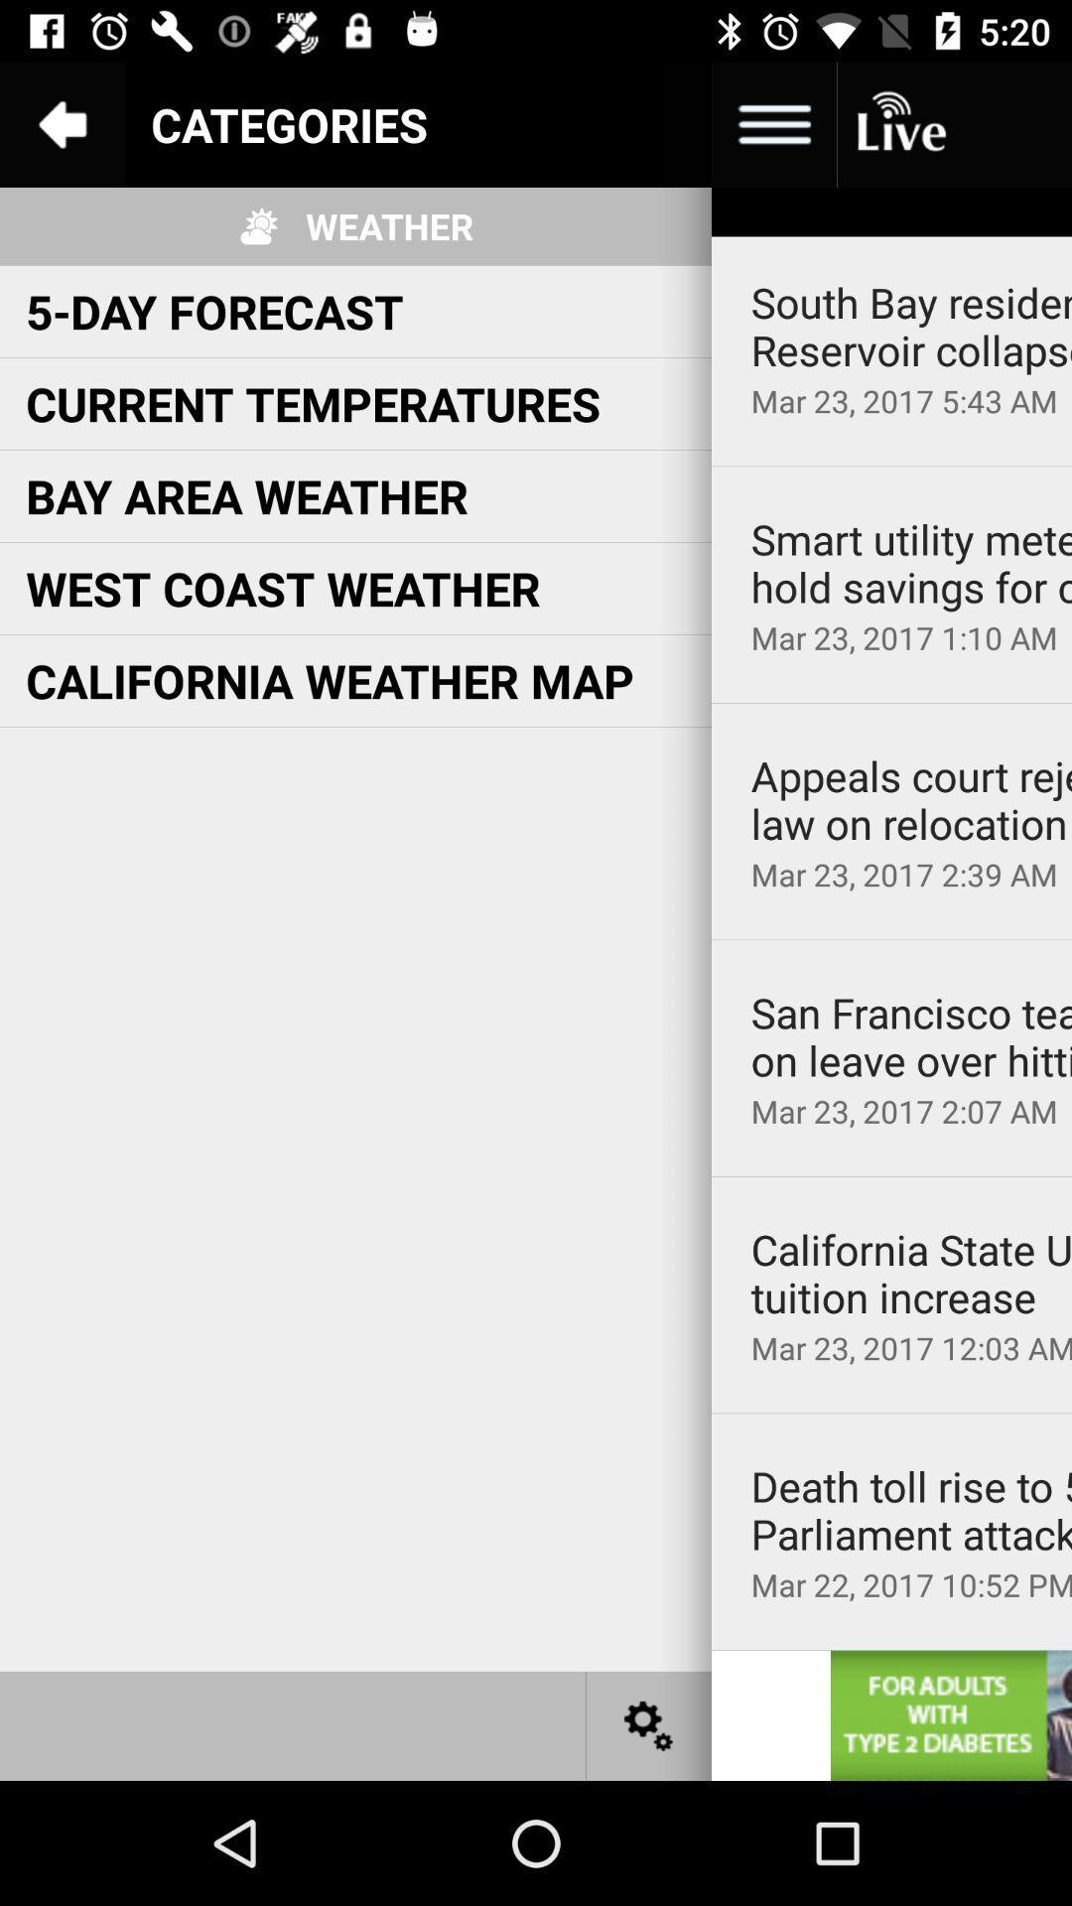 The image size is (1072, 1906). What do you see at coordinates (61, 123) in the screenshot?
I see `goto back` at bounding box center [61, 123].